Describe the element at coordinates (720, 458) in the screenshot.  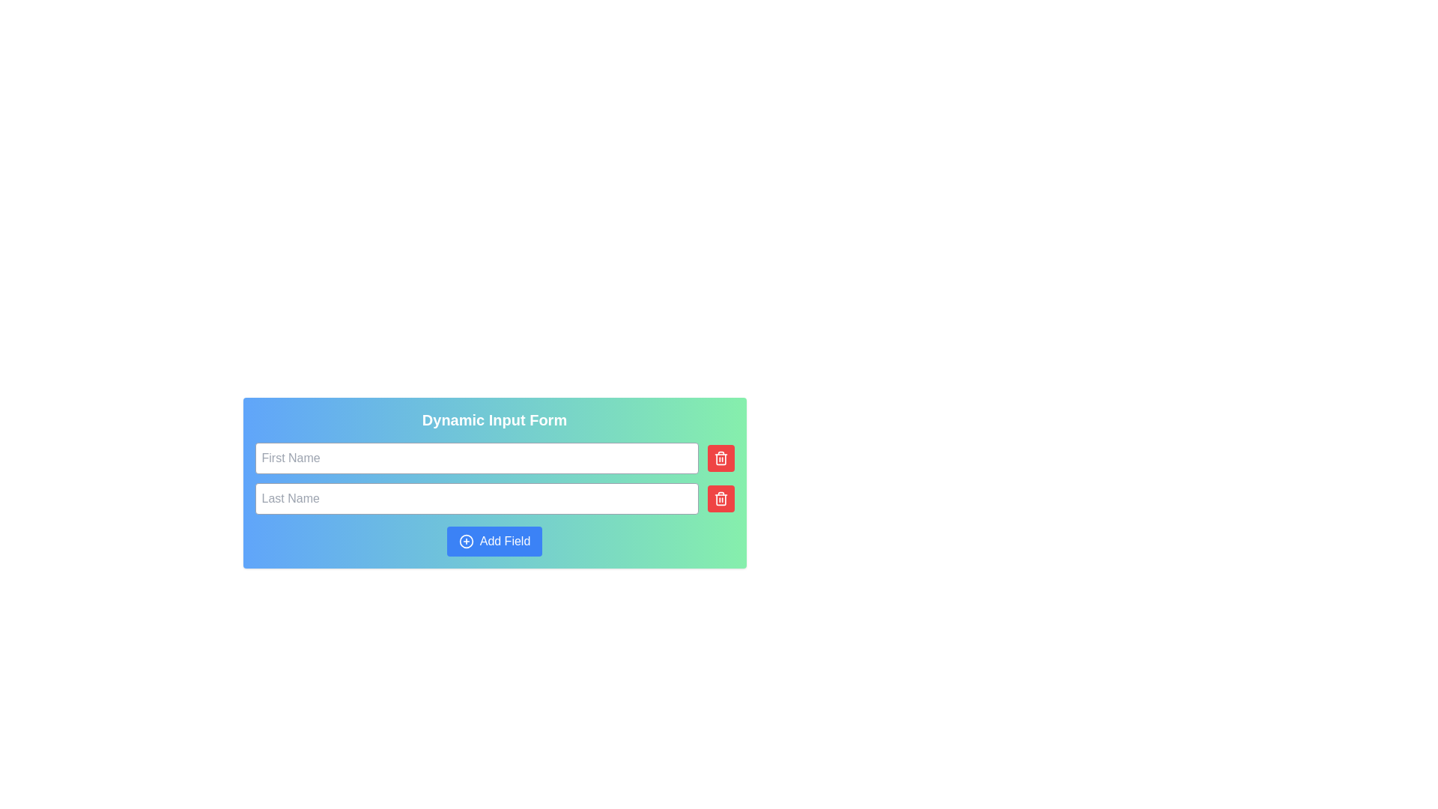
I see `the delete button located directly to the right of the 'First Name' text input field` at that location.